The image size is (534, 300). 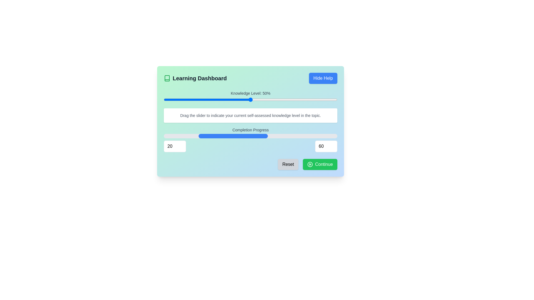 I want to click on the knowledge level, so click(x=297, y=99).